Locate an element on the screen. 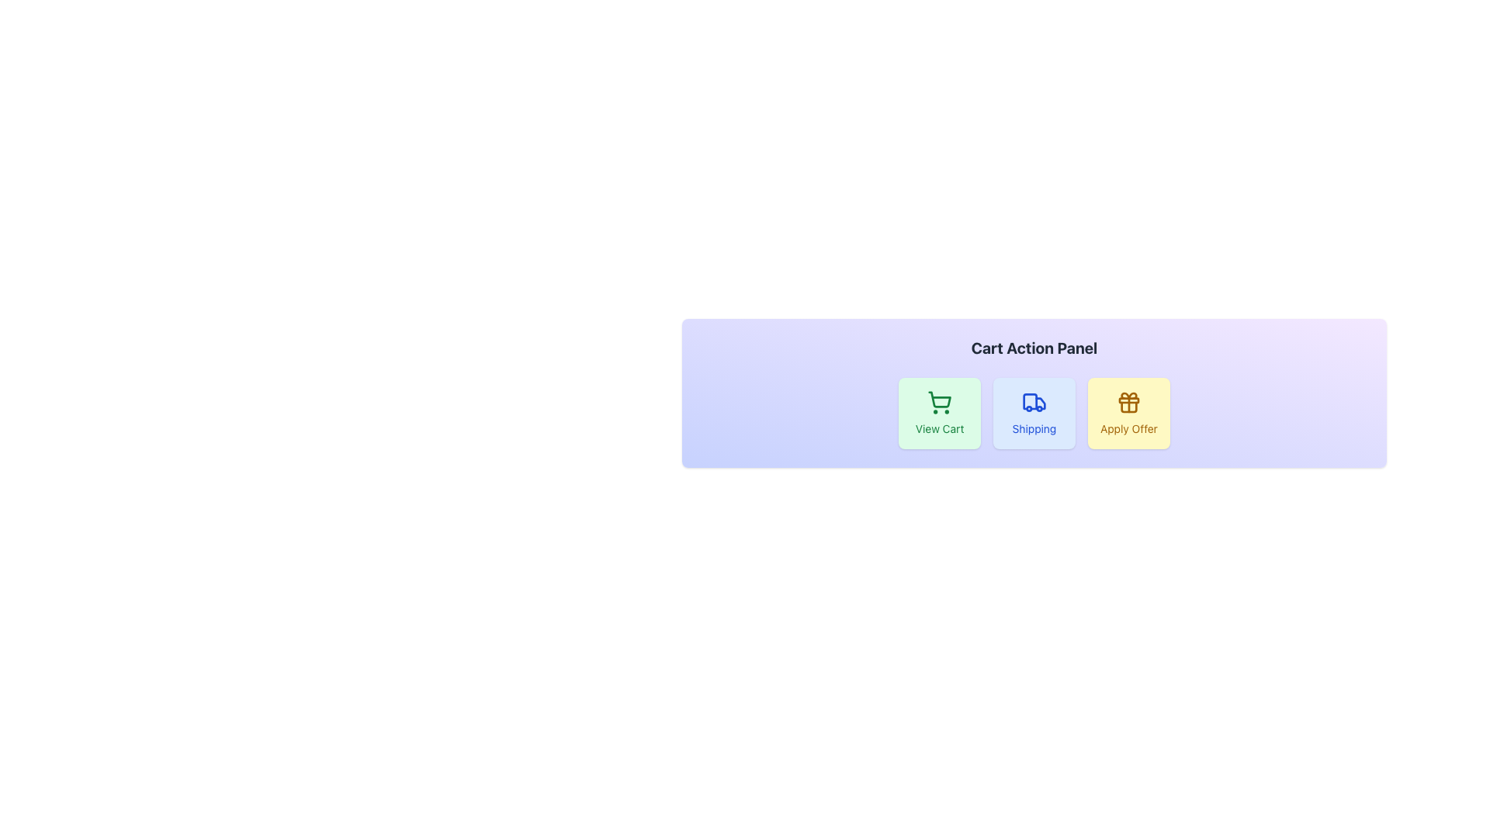 This screenshot has height=838, width=1490. the 'Apply Offer' text label, which is styled in a small font and is centrally located within the 'Apply Offer' button group below a gift box icon is located at coordinates (1128, 428).